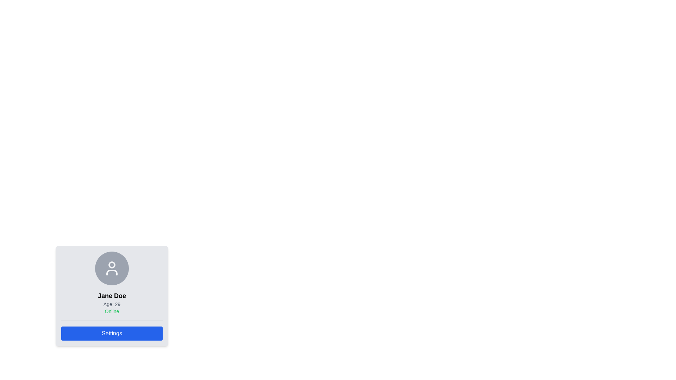  Describe the element at coordinates (111, 304) in the screenshot. I see `the text label displaying 'Age: 29', which is styled in a smaller font and light gray color, positioned below 'Jane Doe' and above 'Online'` at that location.